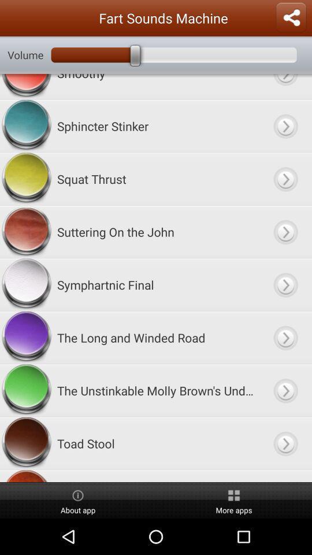 This screenshot has width=312, height=555. Describe the element at coordinates (234, 500) in the screenshot. I see `the more apps icon` at that location.